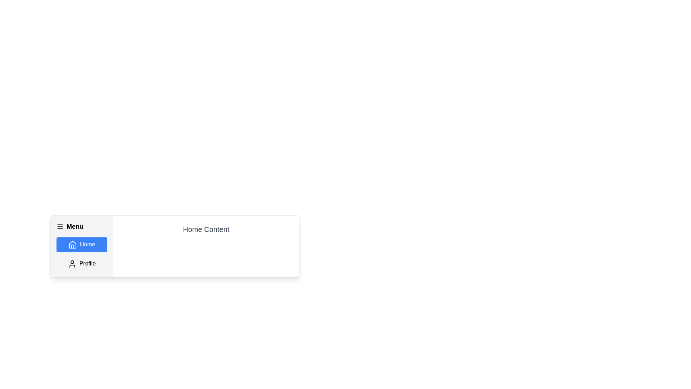 The width and height of the screenshot is (691, 389). I want to click on the 'Profile' menu item by clicking on the leftmost icon in the vertical navigation menu, so click(72, 264).